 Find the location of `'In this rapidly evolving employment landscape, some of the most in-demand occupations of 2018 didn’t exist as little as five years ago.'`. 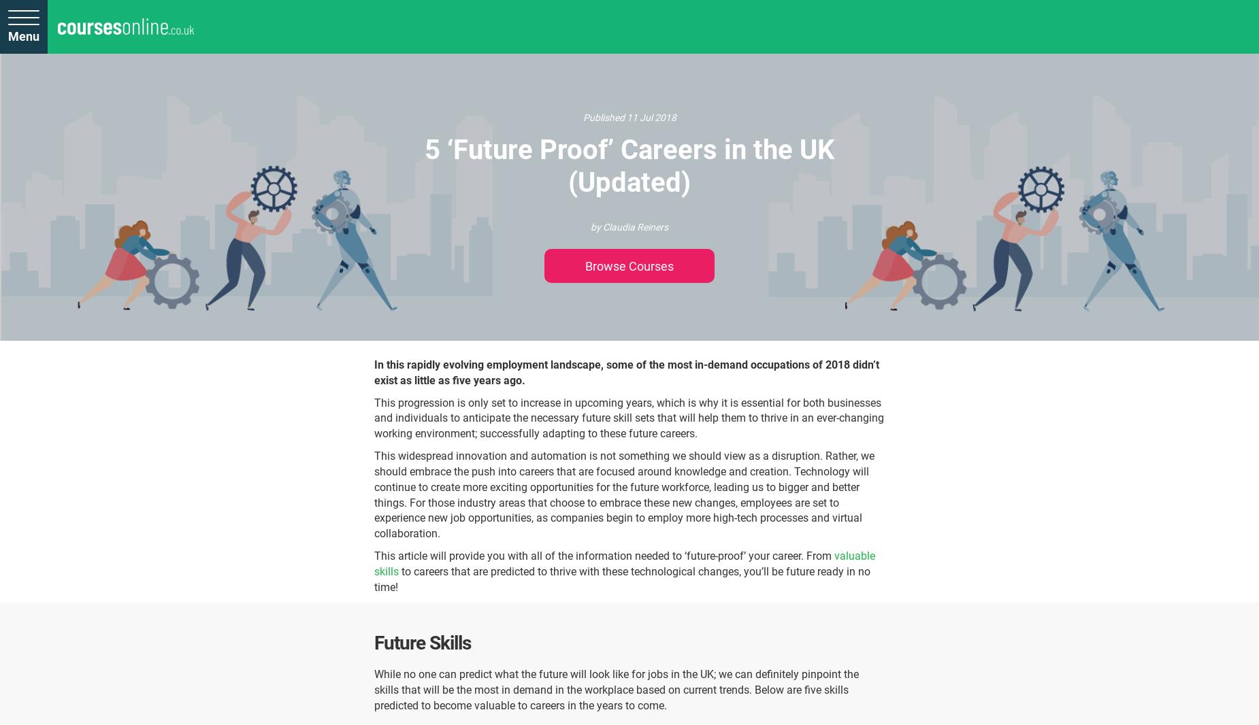

'In this rapidly evolving employment landscape, some of the most in-demand occupations of 2018 didn’t exist as little as five years ago.' is located at coordinates (626, 371).